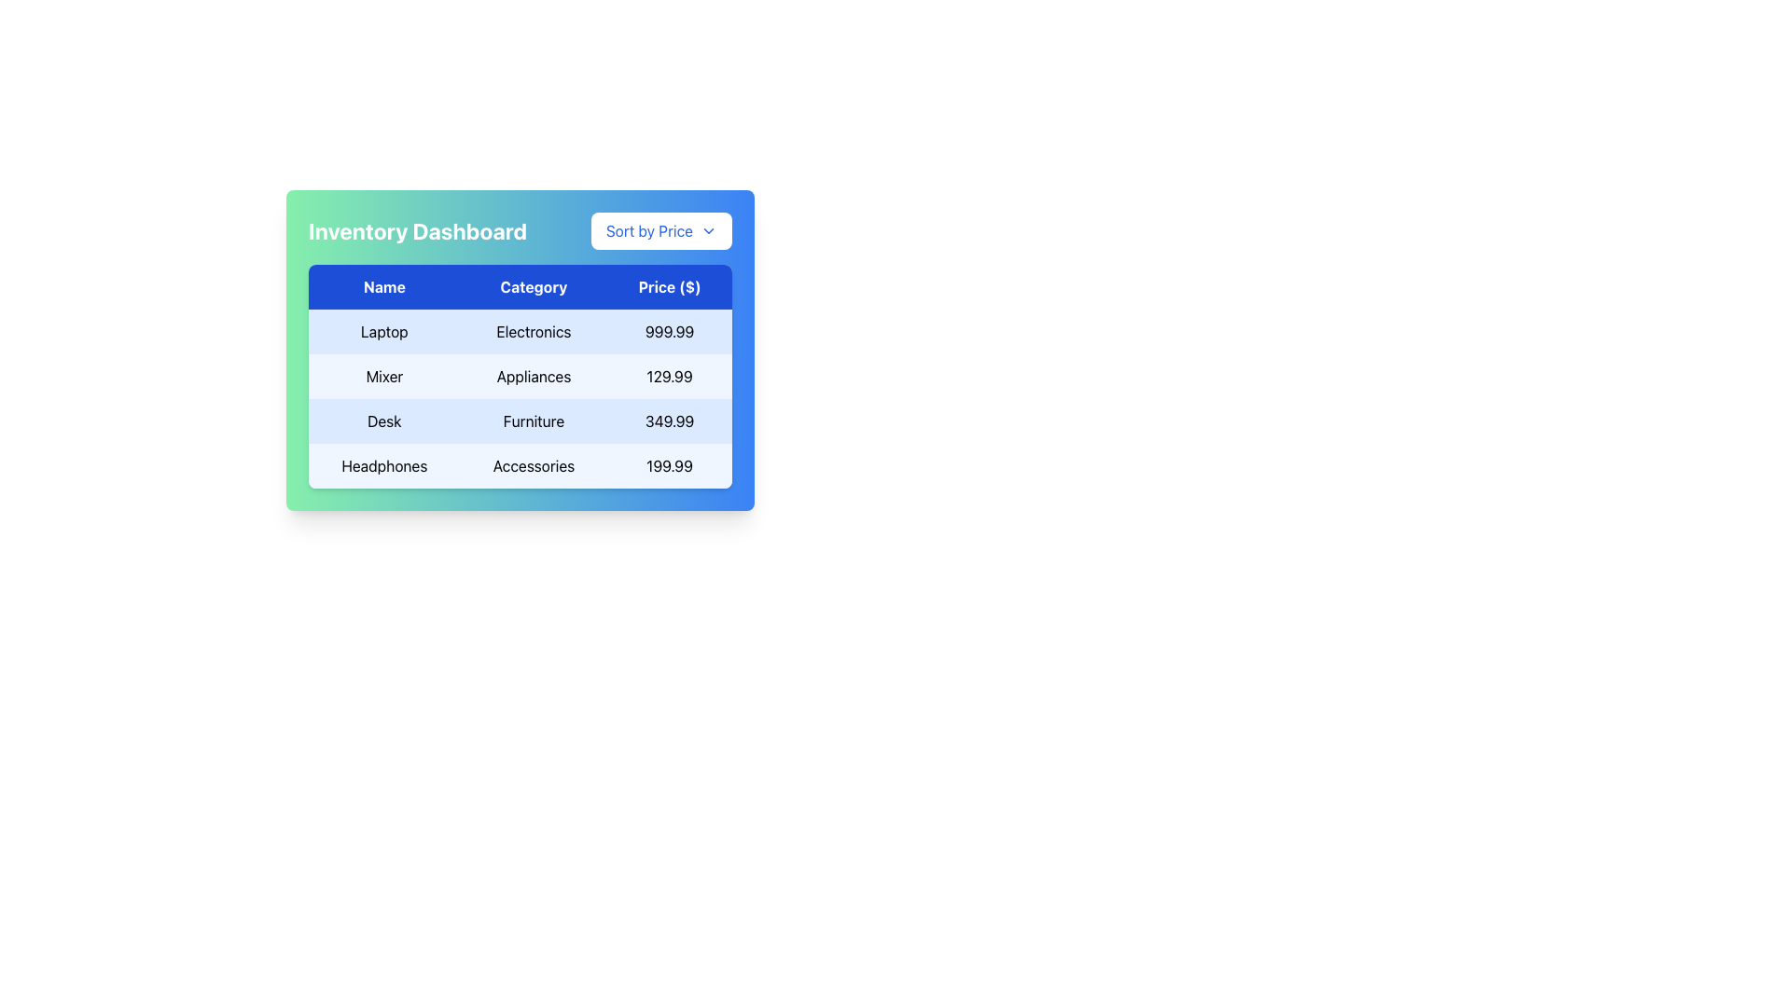 Image resolution: width=1791 pixels, height=1007 pixels. Describe the element at coordinates (520, 398) in the screenshot. I see `the second row in the data table displaying information about a mixer, which includes 'Mixer' under 'Name', 'Appliances' under 'Category', and '129.99' under 'Price ($)'` at that location.